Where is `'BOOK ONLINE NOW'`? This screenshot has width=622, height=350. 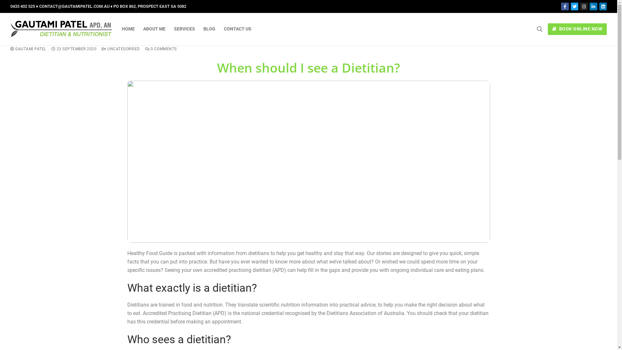 'BOOK ONLINE NOW' is located at coordinates (547, 29).